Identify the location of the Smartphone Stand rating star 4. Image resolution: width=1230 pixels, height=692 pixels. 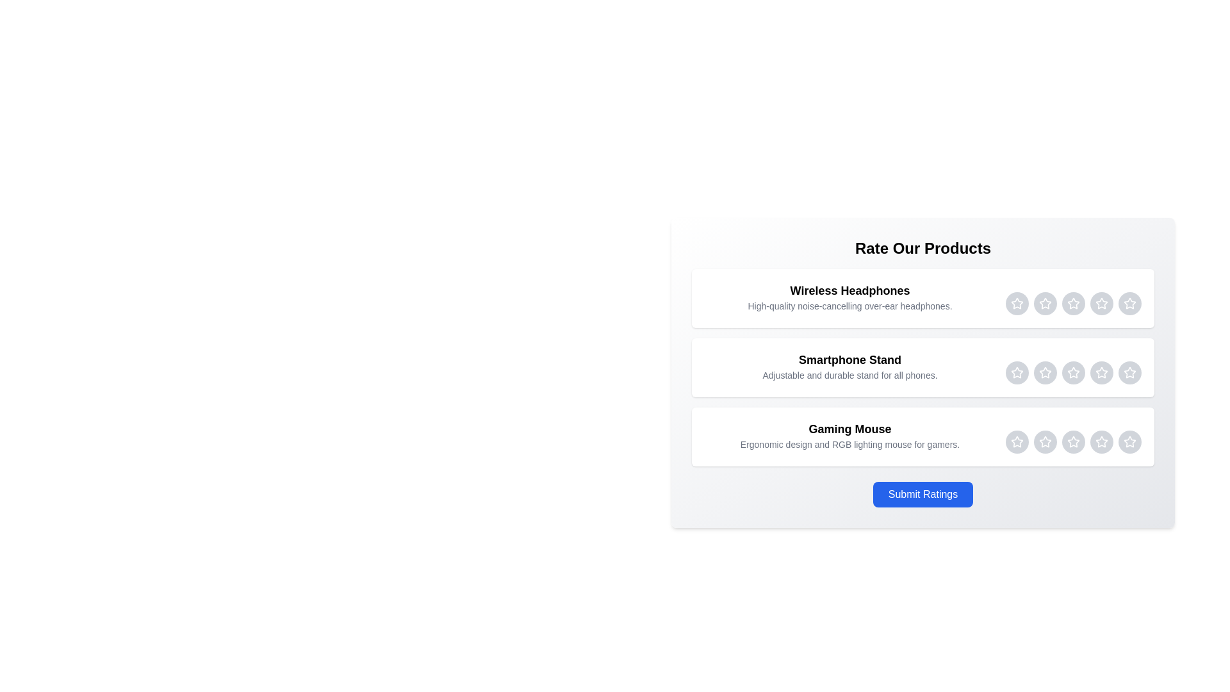
(1101, 373).